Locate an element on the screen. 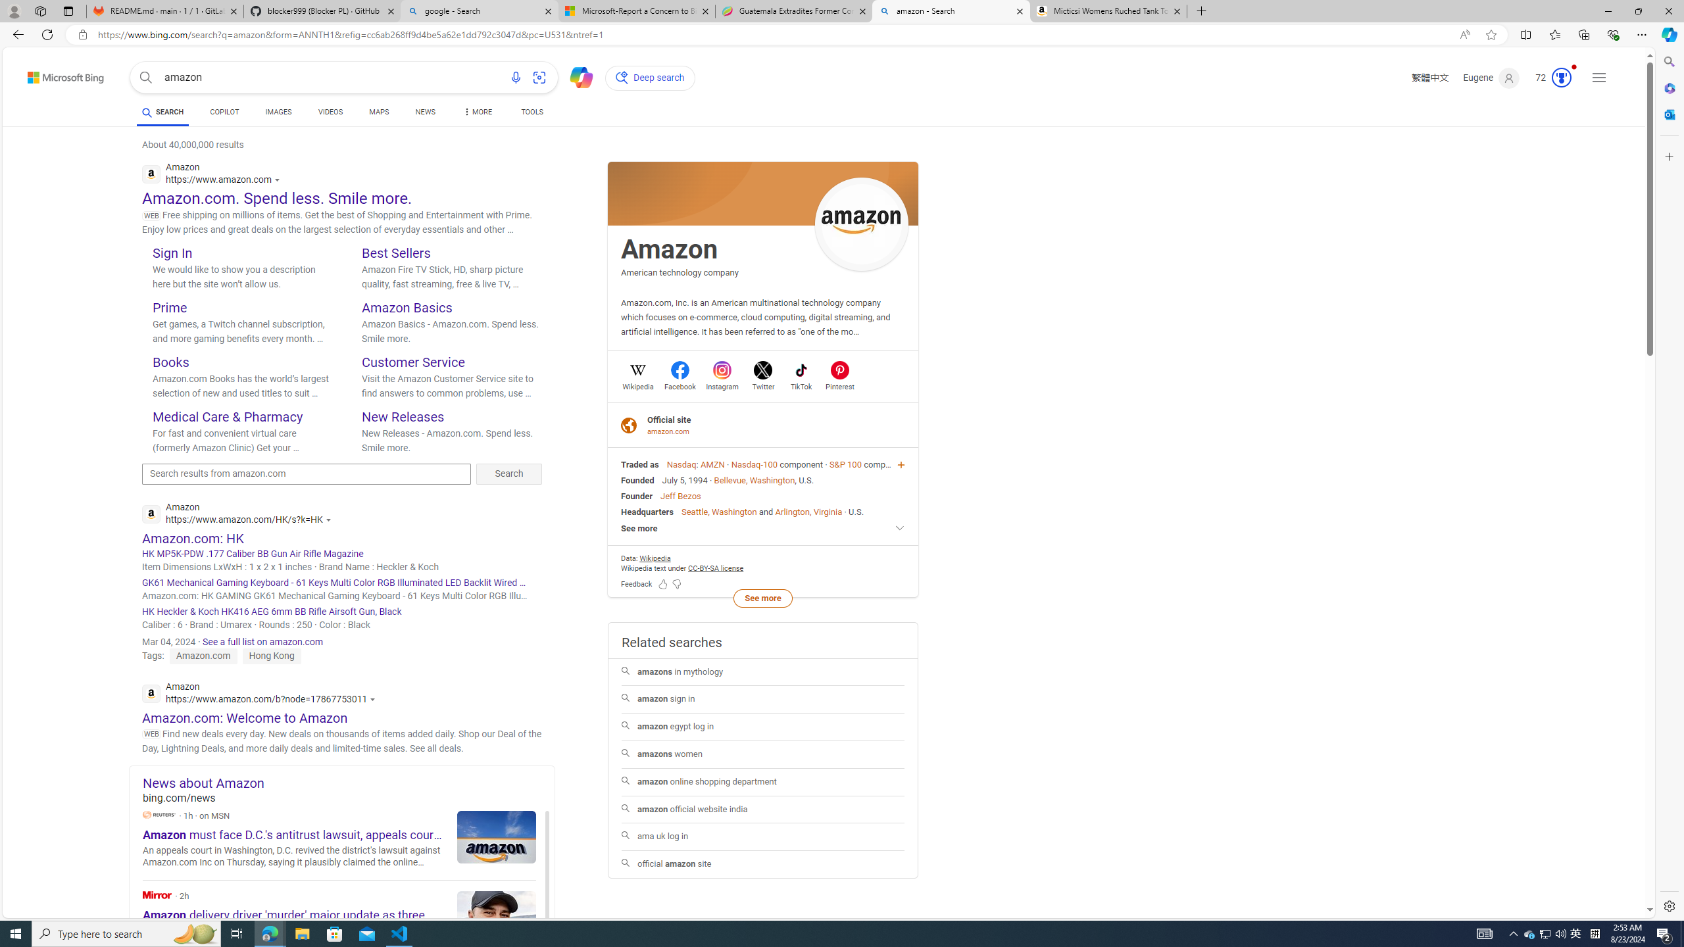 This screenshot has width=1684, height=947. 'Traded as' is located at coordinates (639, 464).